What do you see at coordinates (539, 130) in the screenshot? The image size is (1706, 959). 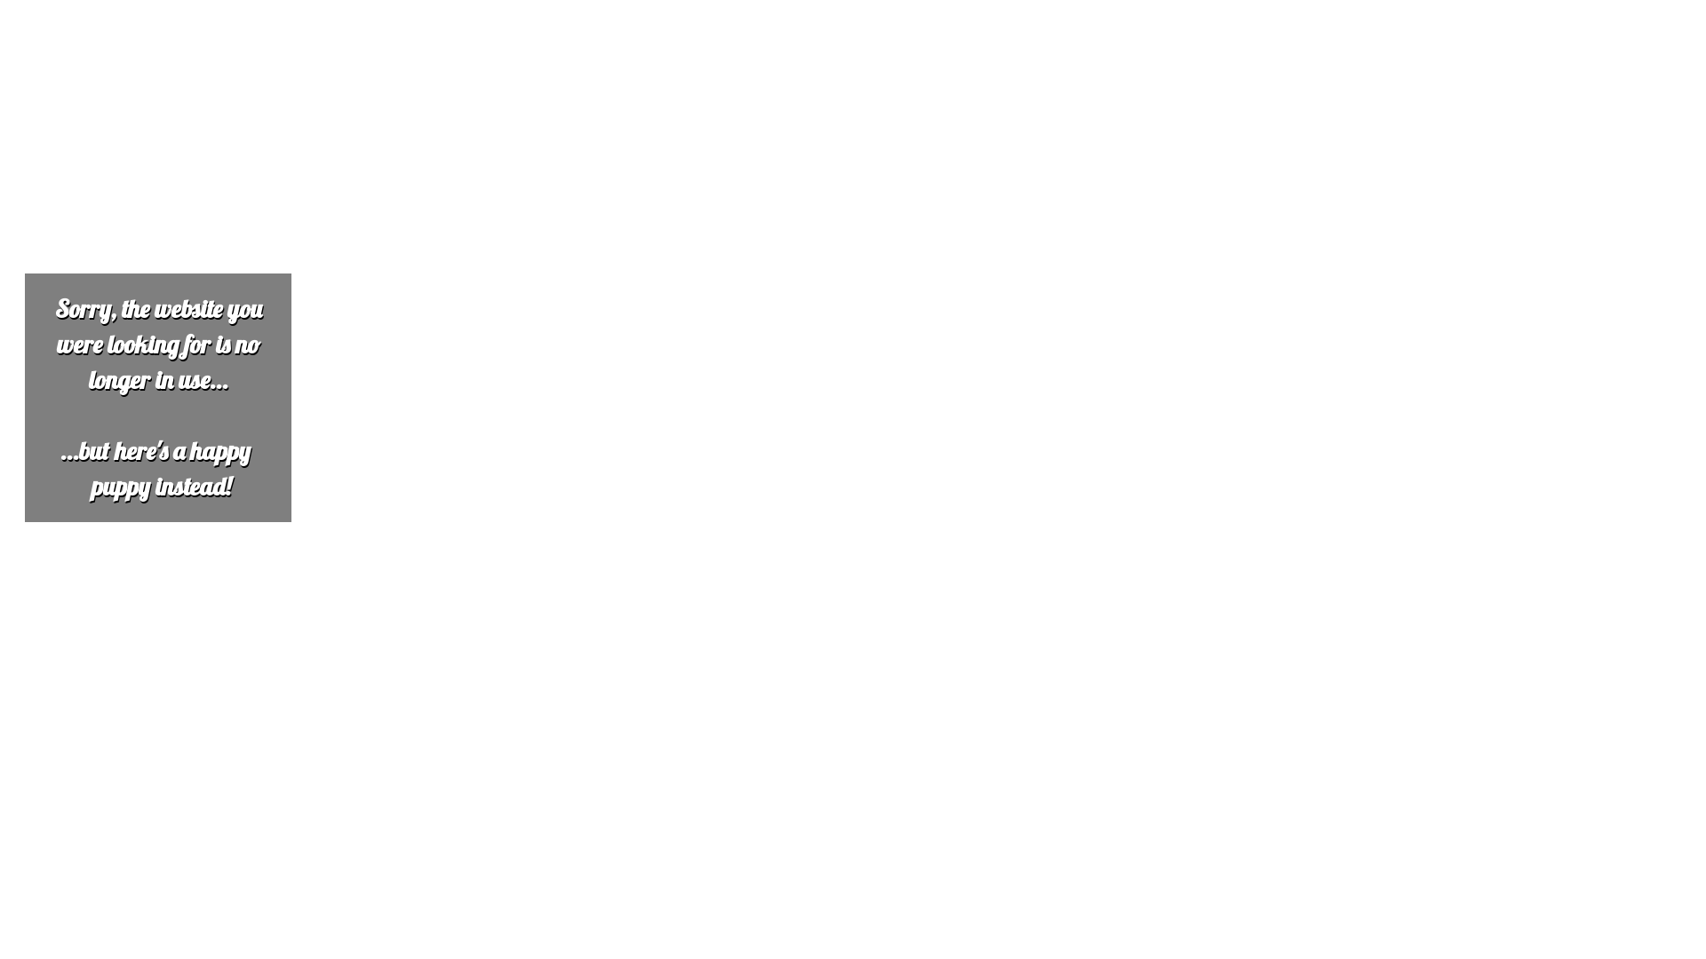 I see `'Advertisement'` at bounding box center [539, 130].